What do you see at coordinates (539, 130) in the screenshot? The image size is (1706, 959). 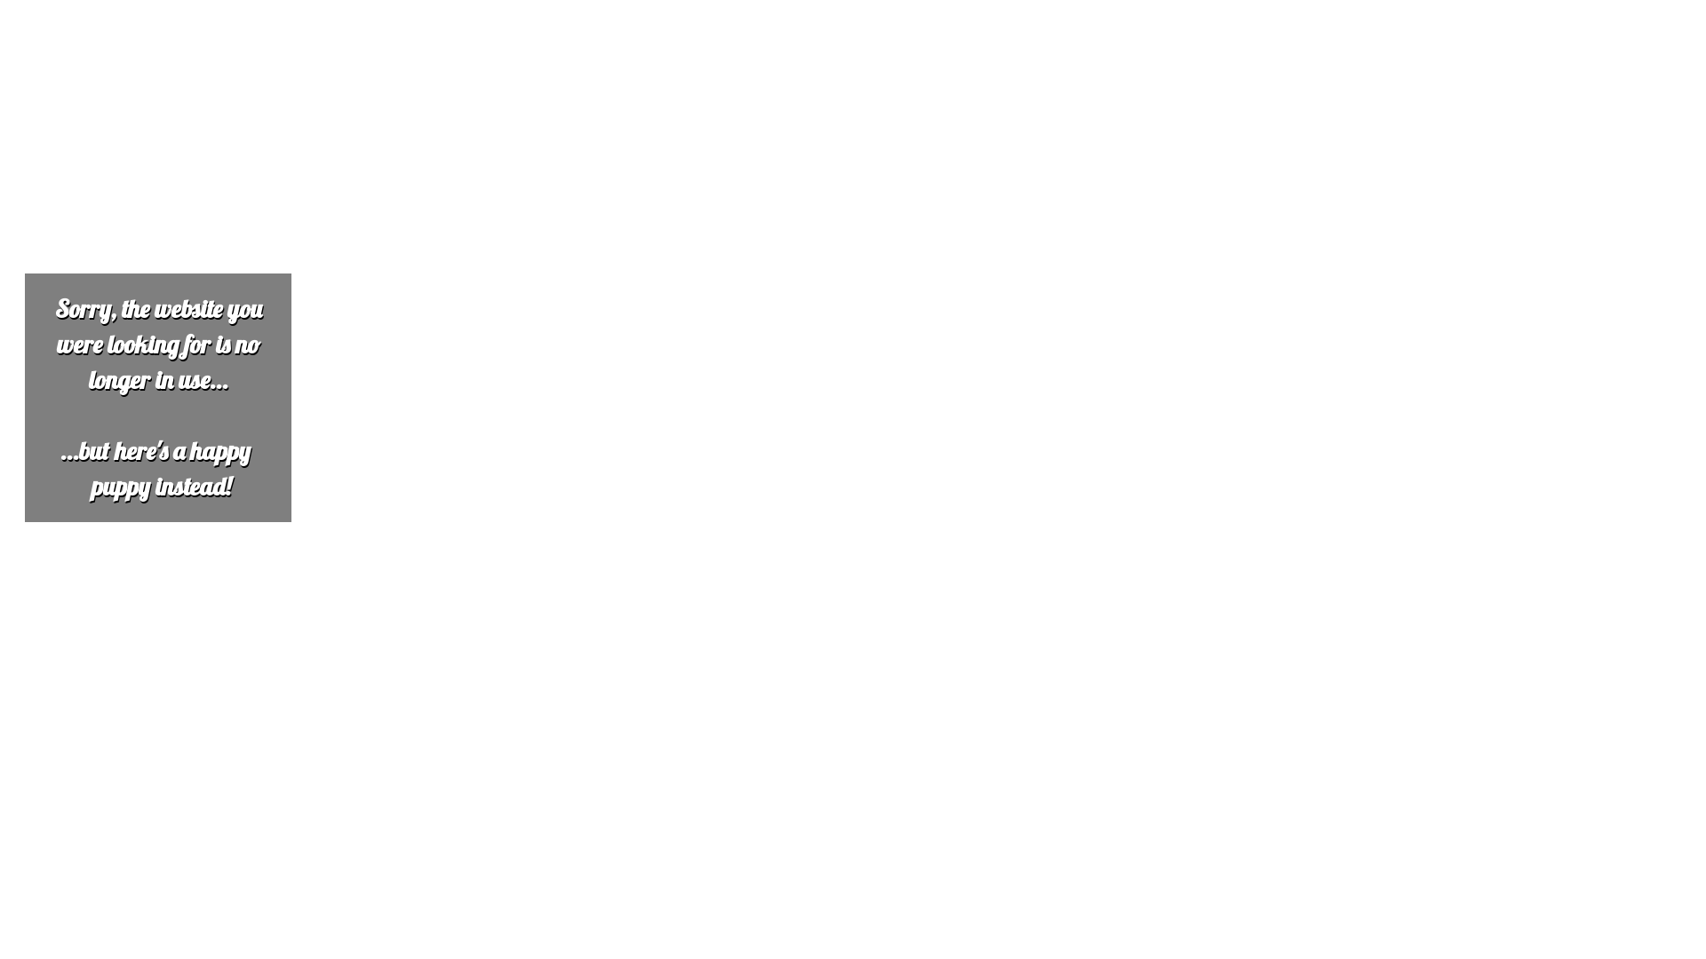 I see `'Advertisement'` at bounding box center [539, 130].